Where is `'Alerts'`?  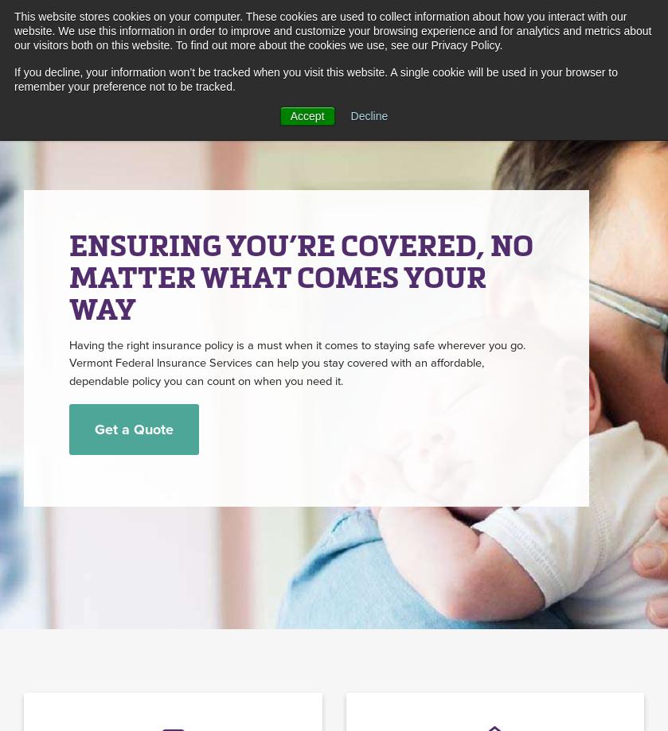 'Alerts' is located at coordinates (323, 12).